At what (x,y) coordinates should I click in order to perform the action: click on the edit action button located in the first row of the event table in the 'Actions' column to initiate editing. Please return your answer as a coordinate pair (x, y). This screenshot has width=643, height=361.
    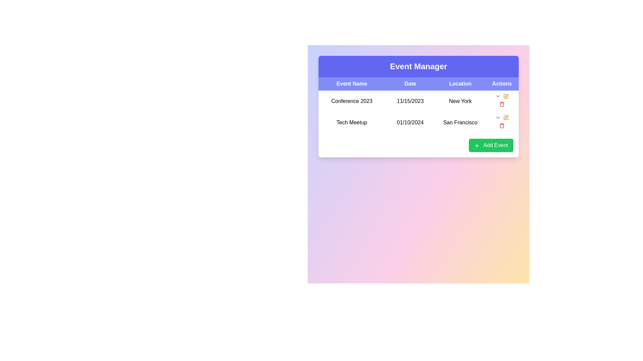
    Looking at the image, I should click on (506, 117).